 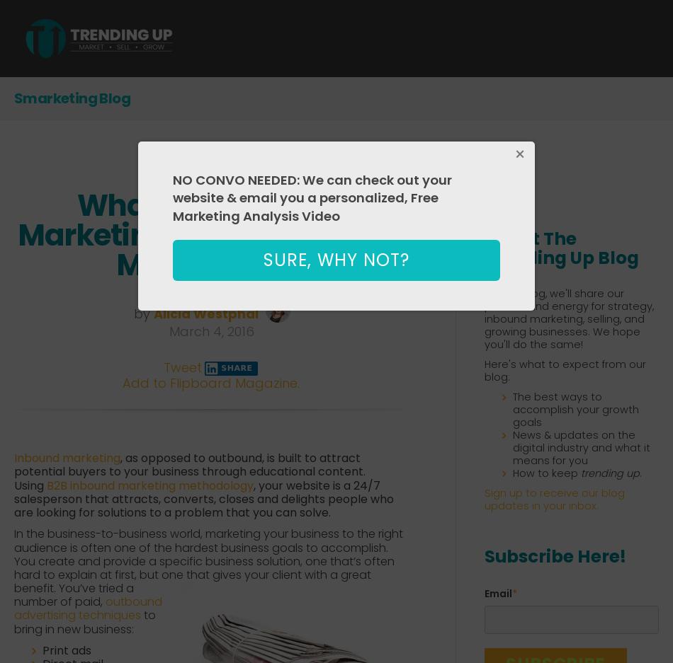 What do you see at coordinates (72, 98) in the screenshot?
I see `'Smarketing Blog'` at bounding box center [72, 98].